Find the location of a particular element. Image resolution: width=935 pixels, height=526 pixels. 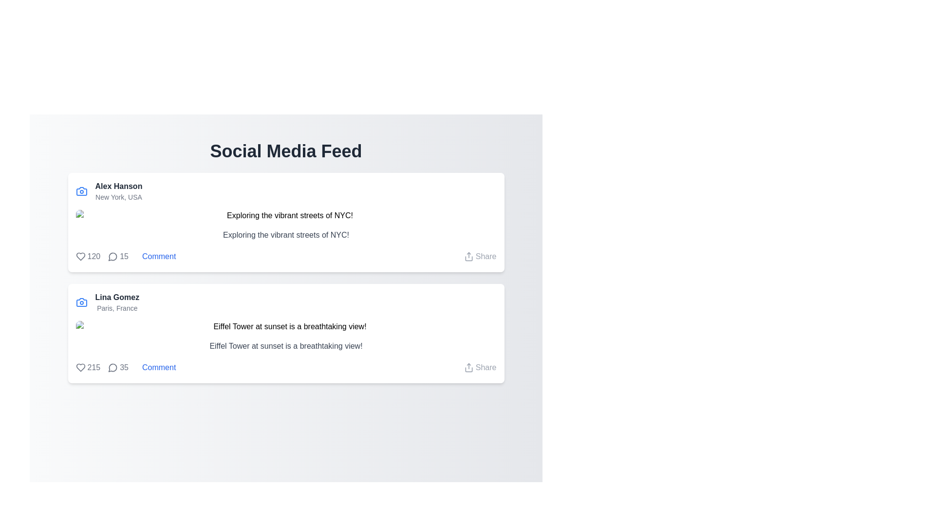

the heart icon located at the bottom-left of Lina Gomez's post to like it is located at coordinates (80, 368).